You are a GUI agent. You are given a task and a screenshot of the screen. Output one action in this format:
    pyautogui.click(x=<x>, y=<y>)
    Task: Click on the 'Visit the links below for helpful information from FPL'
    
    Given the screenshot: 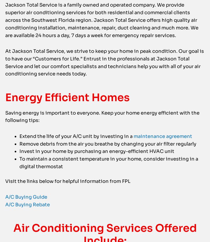 What is the action you would take?
    pyautogui.click(x=67, y=192)
    